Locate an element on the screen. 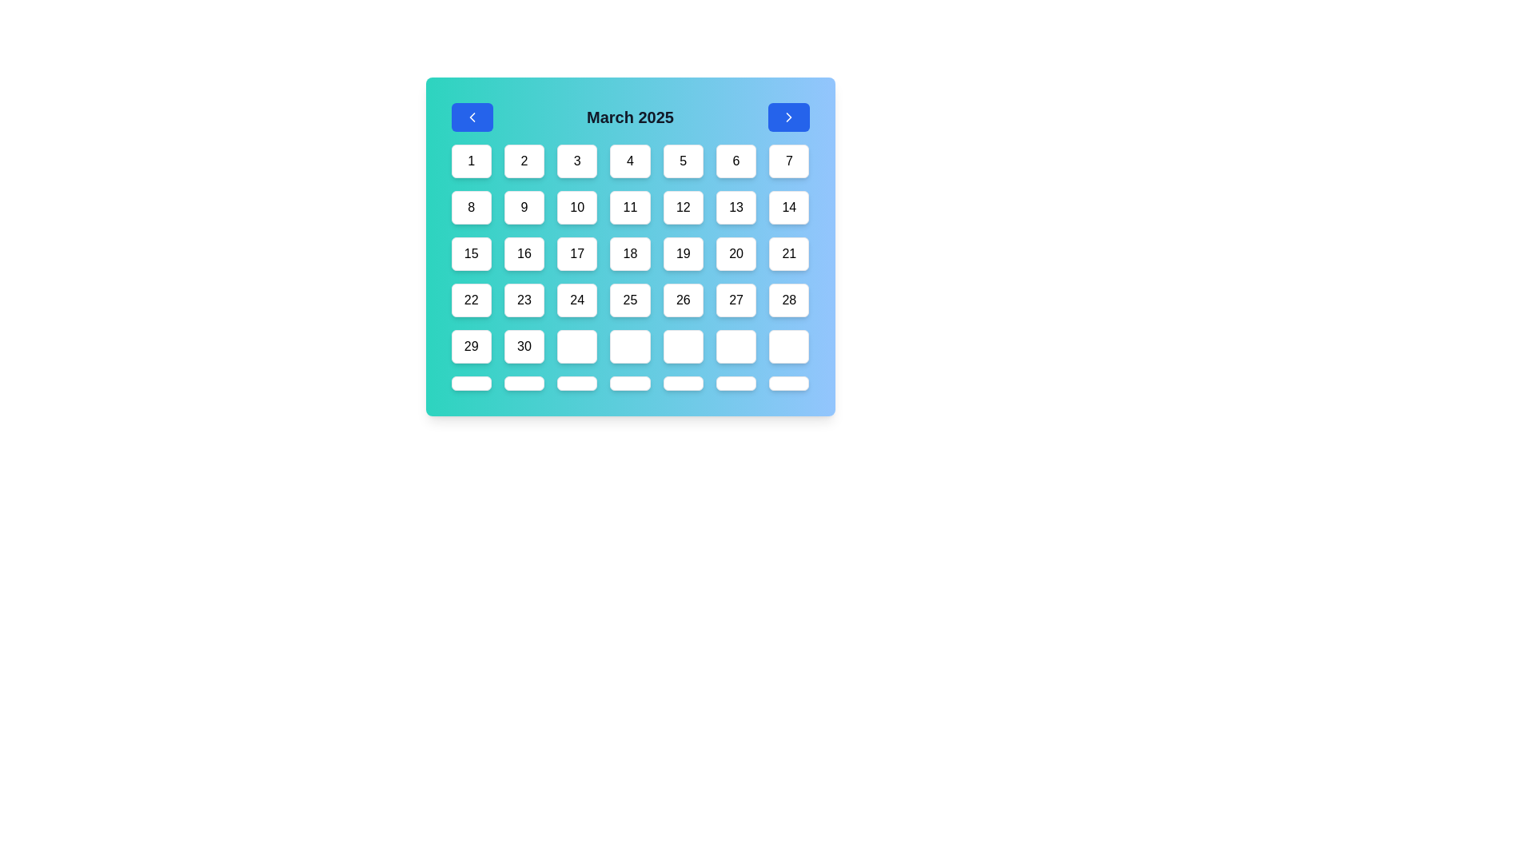  the rectangular button with a white background labeled '16' located in the grid of date buttons under 'March 2025', specifically in the third row and second column is located at coordinates (524, 253).